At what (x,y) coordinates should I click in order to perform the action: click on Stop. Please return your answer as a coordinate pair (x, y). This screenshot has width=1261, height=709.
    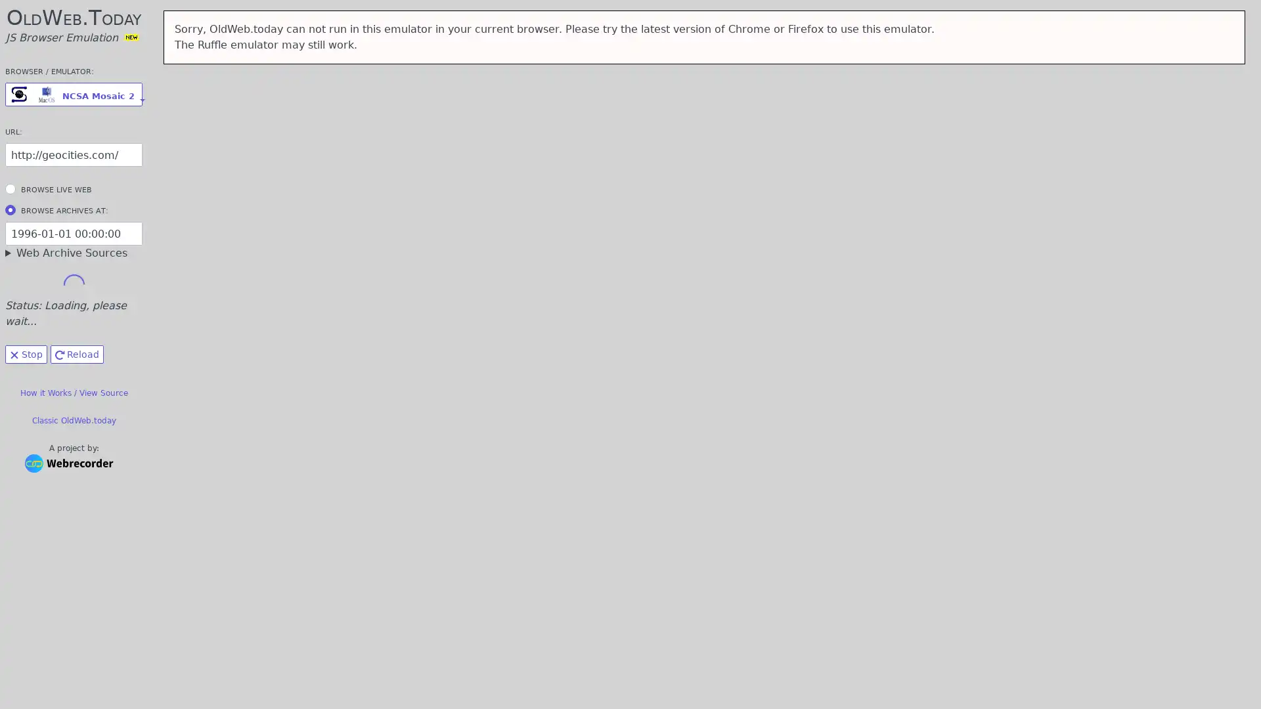
    Looking at the image, I should click on (26, 354).